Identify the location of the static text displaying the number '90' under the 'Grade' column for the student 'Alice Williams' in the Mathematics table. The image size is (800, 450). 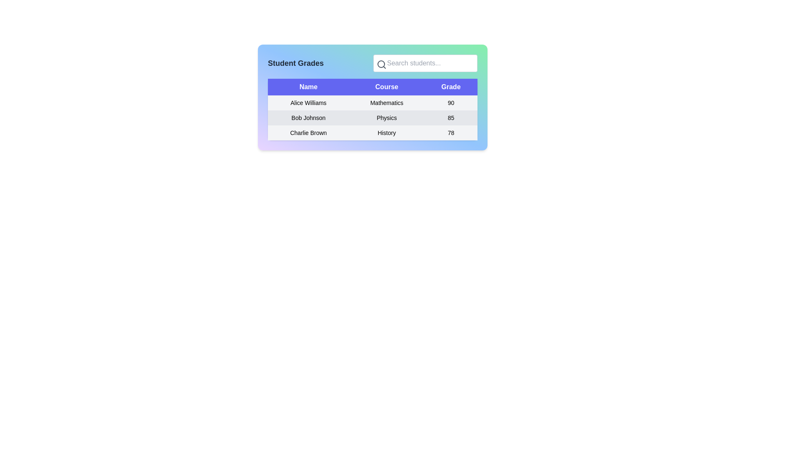
(450, 102).